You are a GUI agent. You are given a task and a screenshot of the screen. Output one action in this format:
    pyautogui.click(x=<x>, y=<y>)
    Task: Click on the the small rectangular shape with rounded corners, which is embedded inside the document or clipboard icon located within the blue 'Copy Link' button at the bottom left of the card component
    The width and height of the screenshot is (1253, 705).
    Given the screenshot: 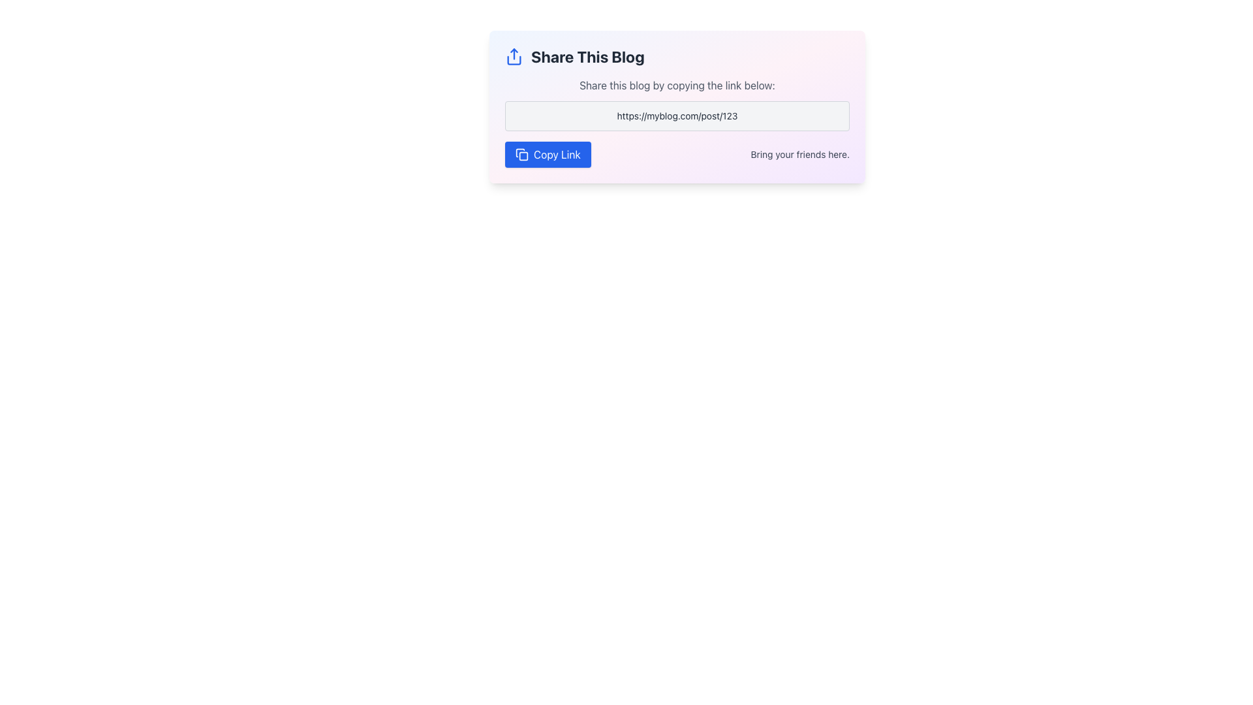 What is the action you would take?
    pyautogui.click(x=523, y=155)
    